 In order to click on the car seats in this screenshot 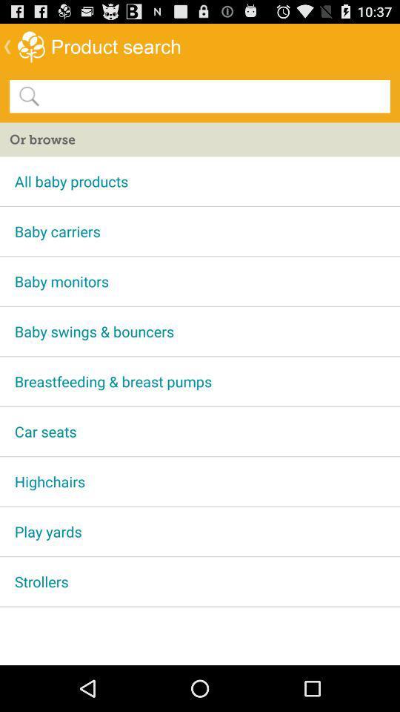, I will do `click(200, 431)`.